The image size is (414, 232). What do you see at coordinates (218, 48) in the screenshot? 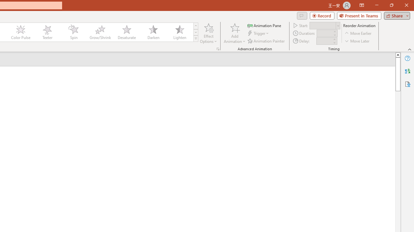
I see `'More Options...'` at bounding box center [218, 48].